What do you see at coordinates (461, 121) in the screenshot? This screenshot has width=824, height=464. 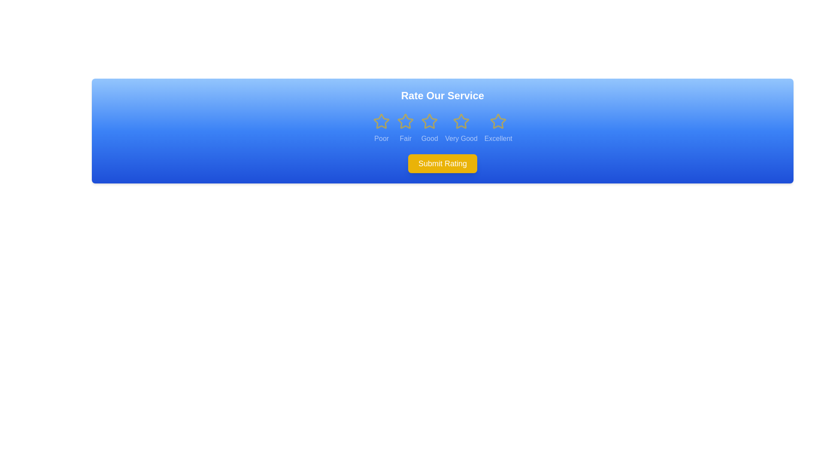 I see `the fourth star in the rating system, which is a golden-yellow star icon on a blue gradient background` at bounding box center [461, 121].